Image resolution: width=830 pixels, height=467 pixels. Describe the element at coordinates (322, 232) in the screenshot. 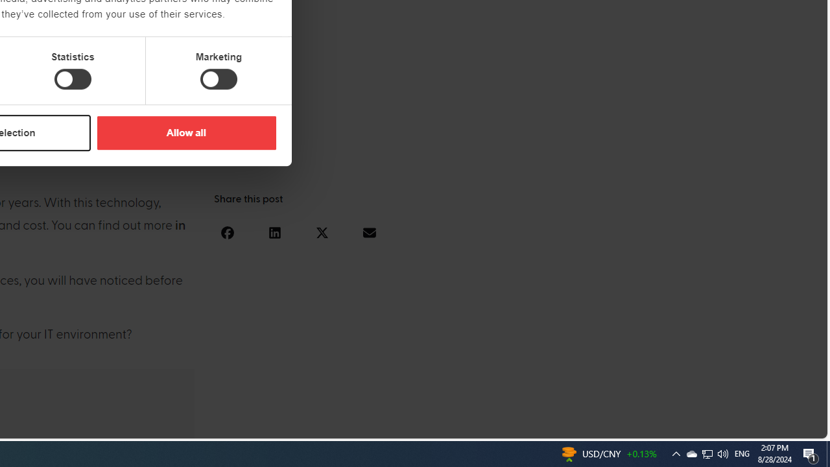

I see `'Share on x-twitter'` at that location.